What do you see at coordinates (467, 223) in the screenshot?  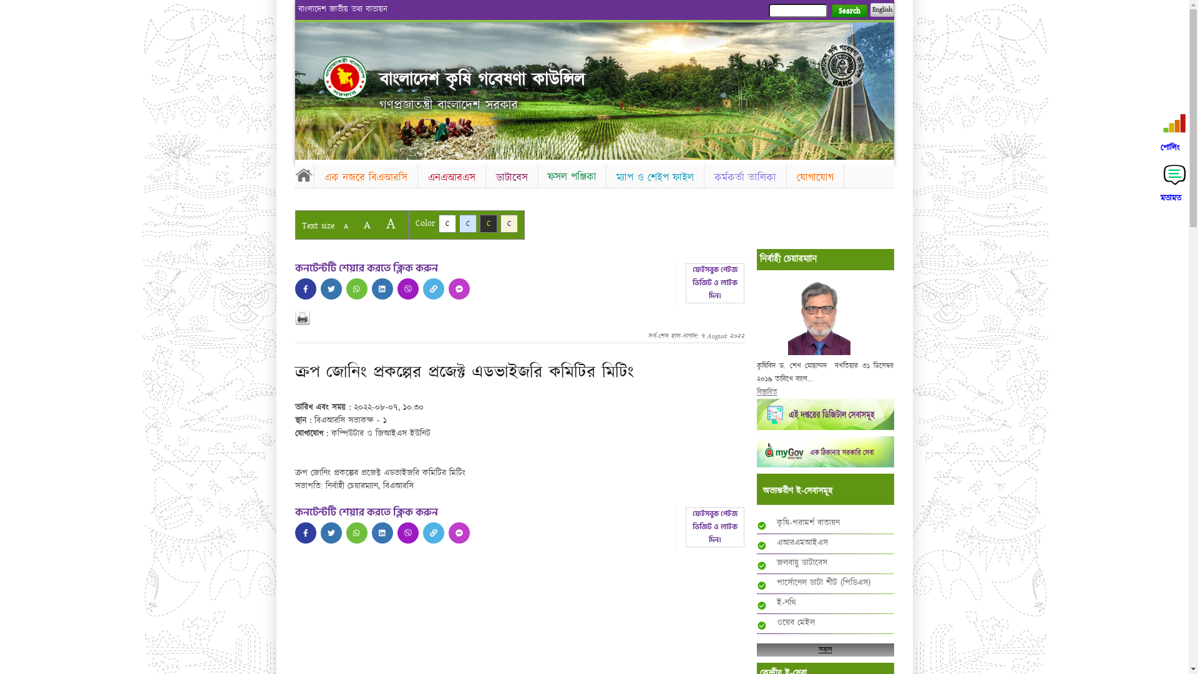 I see `'C'` at bounding box center [467, 223].